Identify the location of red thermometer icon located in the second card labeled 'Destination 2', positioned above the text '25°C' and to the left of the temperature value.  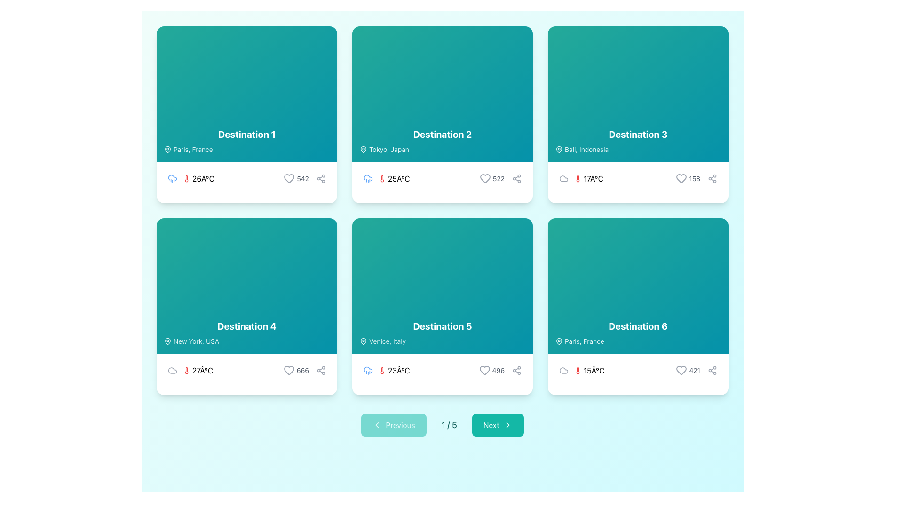
(382, 179).